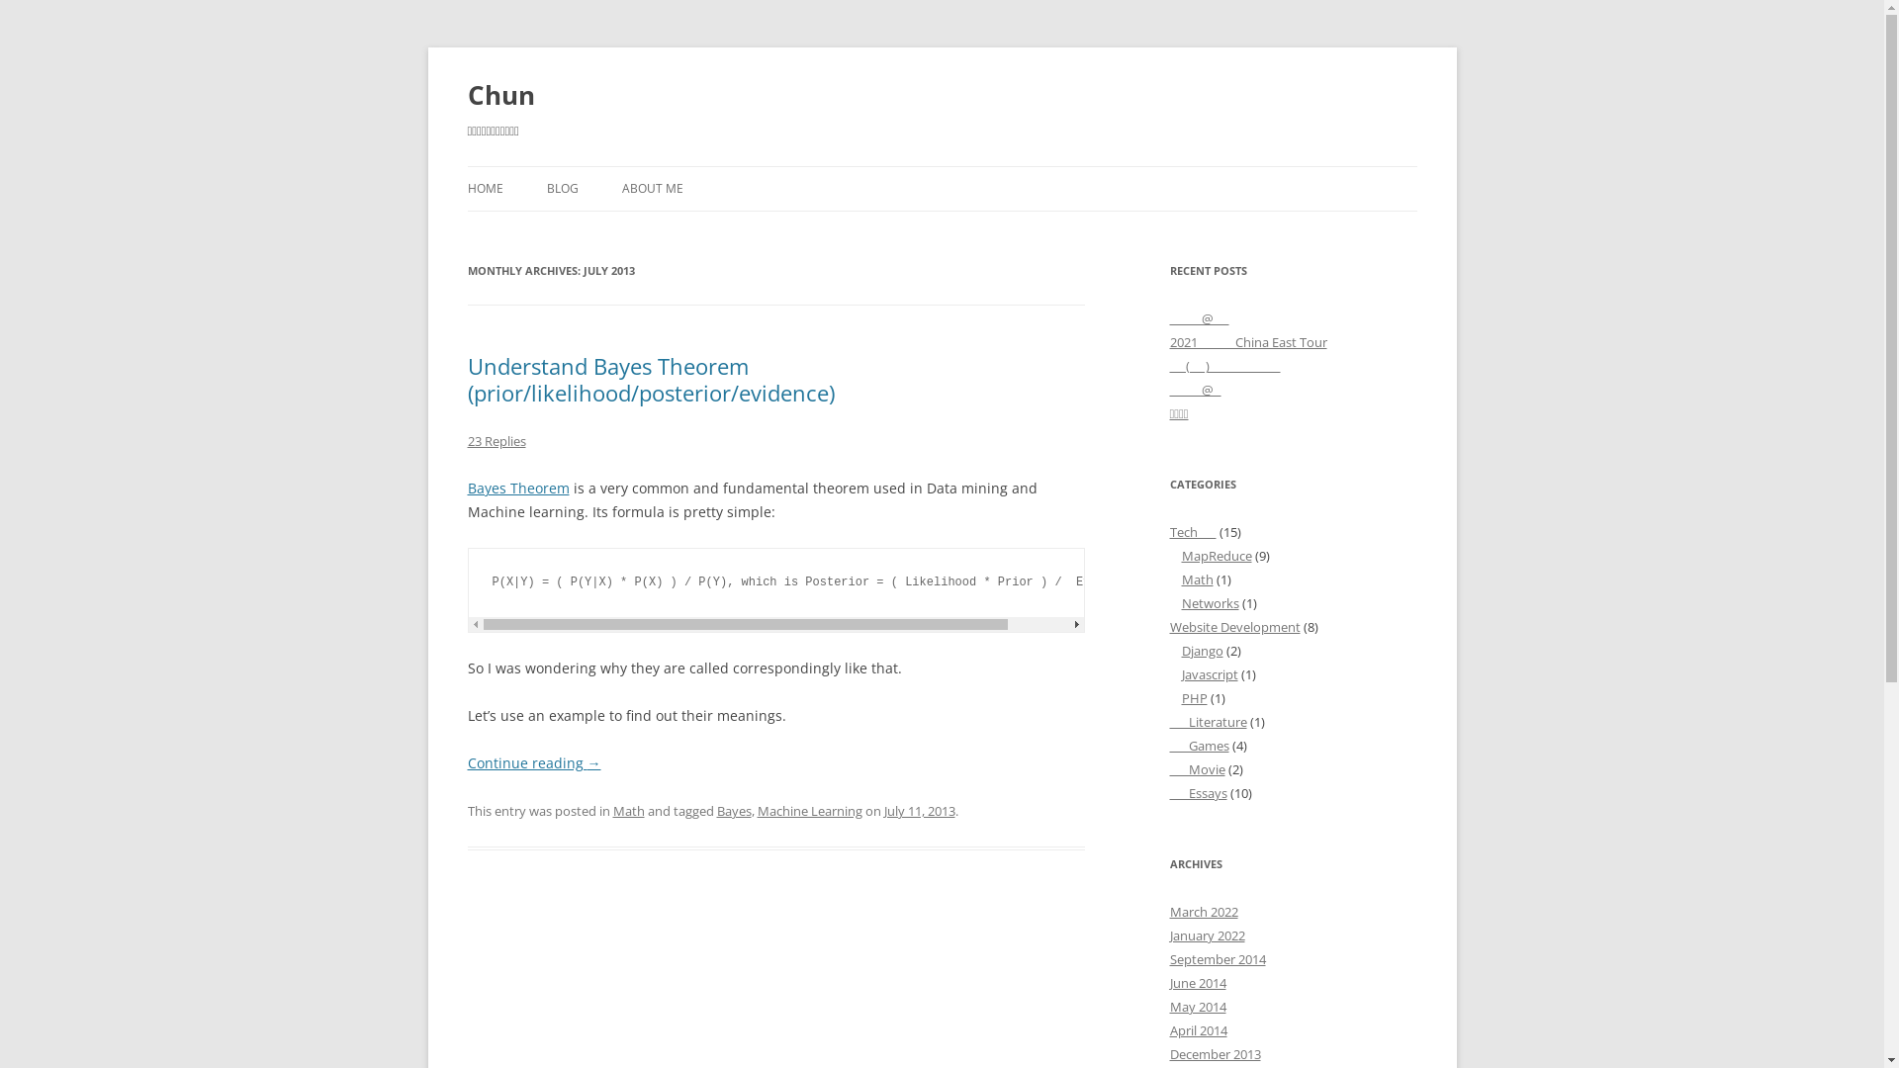 The height and width of the screenshot is (1068, 1899). What do you see at coordinates (1208, 673) in the screenshot?
I see `'Javascript'` at bounding box center [1208, 673].